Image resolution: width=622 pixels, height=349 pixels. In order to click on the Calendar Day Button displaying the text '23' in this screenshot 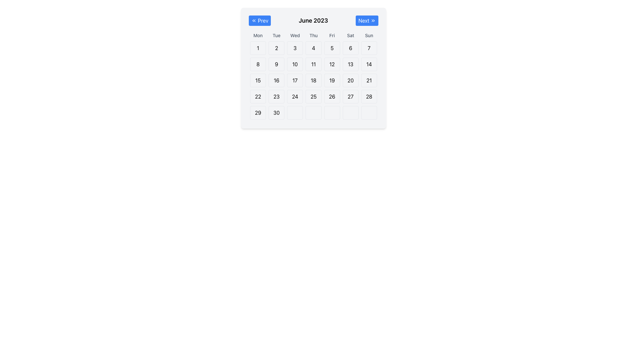, I will do `click(276, 97)`.